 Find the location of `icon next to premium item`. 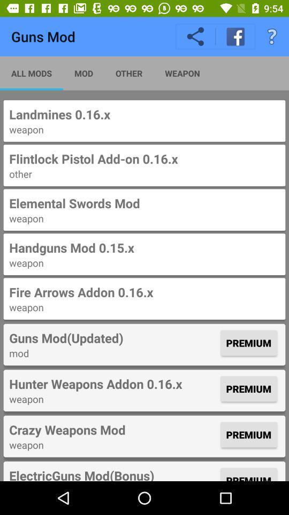

icon next to premium item is located at coordinates (113, 384).